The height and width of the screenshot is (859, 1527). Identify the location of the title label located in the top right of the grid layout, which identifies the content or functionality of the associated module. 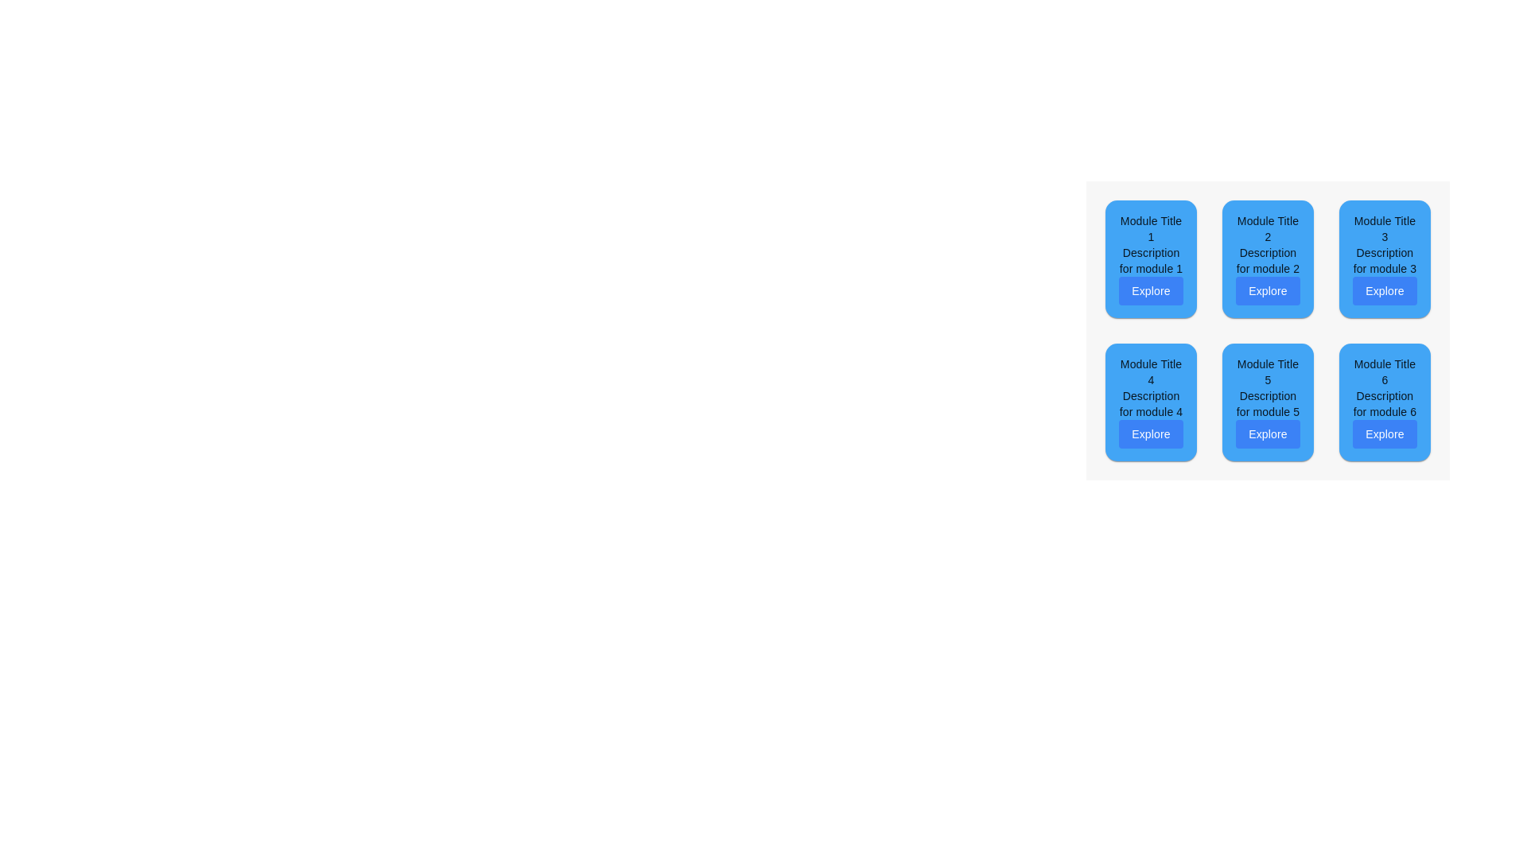
(1384, 229).